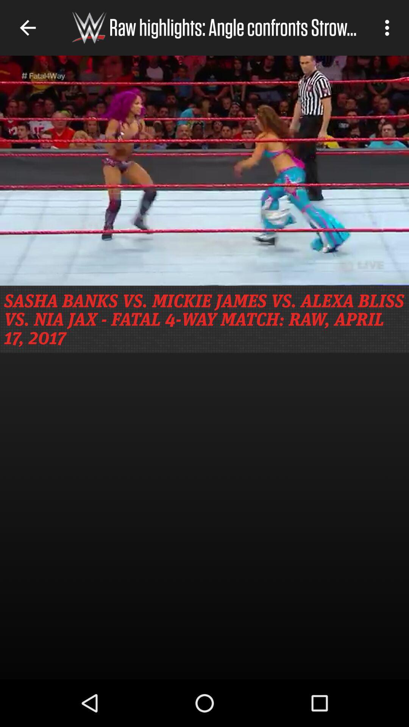 This screenshot has height=727, width=409. What do you see at coordinates (389, 28) in the screenshot?
I see `icon at the top right corner` at bounding box center [389, 28].